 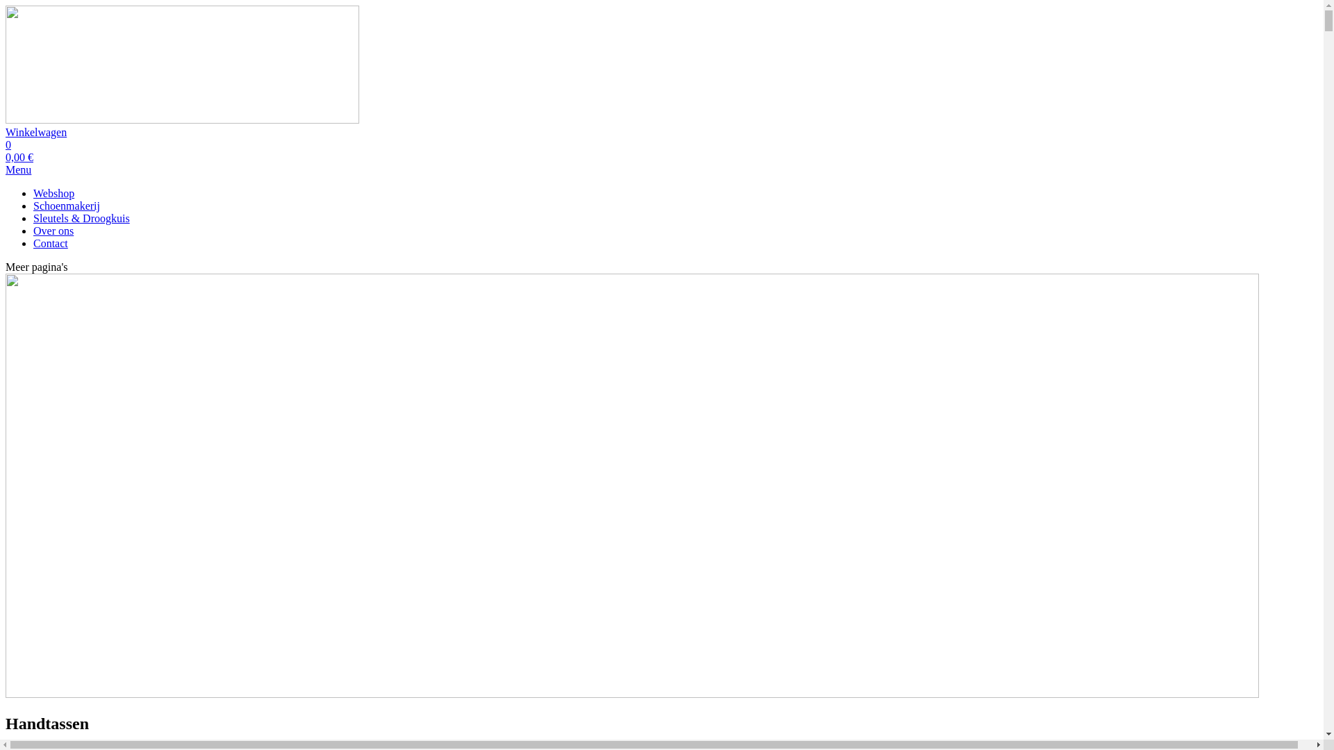 What do you see at coordinates (81, 218) in the screenshot?
I see `'Sleutels & Droogkuis'` at bounding box center [81, 218].